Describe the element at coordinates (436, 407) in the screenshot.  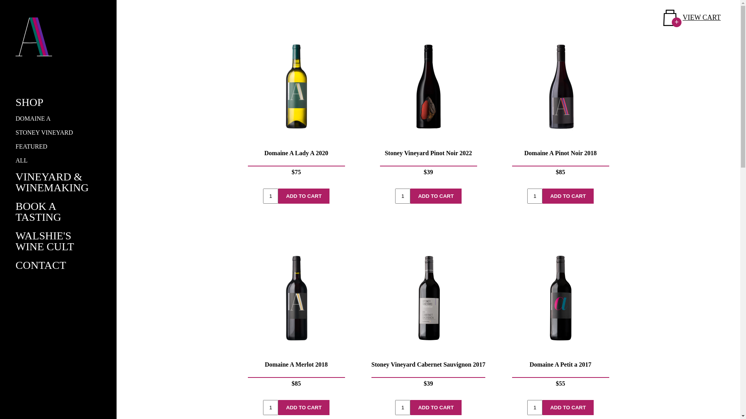
I see `'ADD TO CART'` at that location.